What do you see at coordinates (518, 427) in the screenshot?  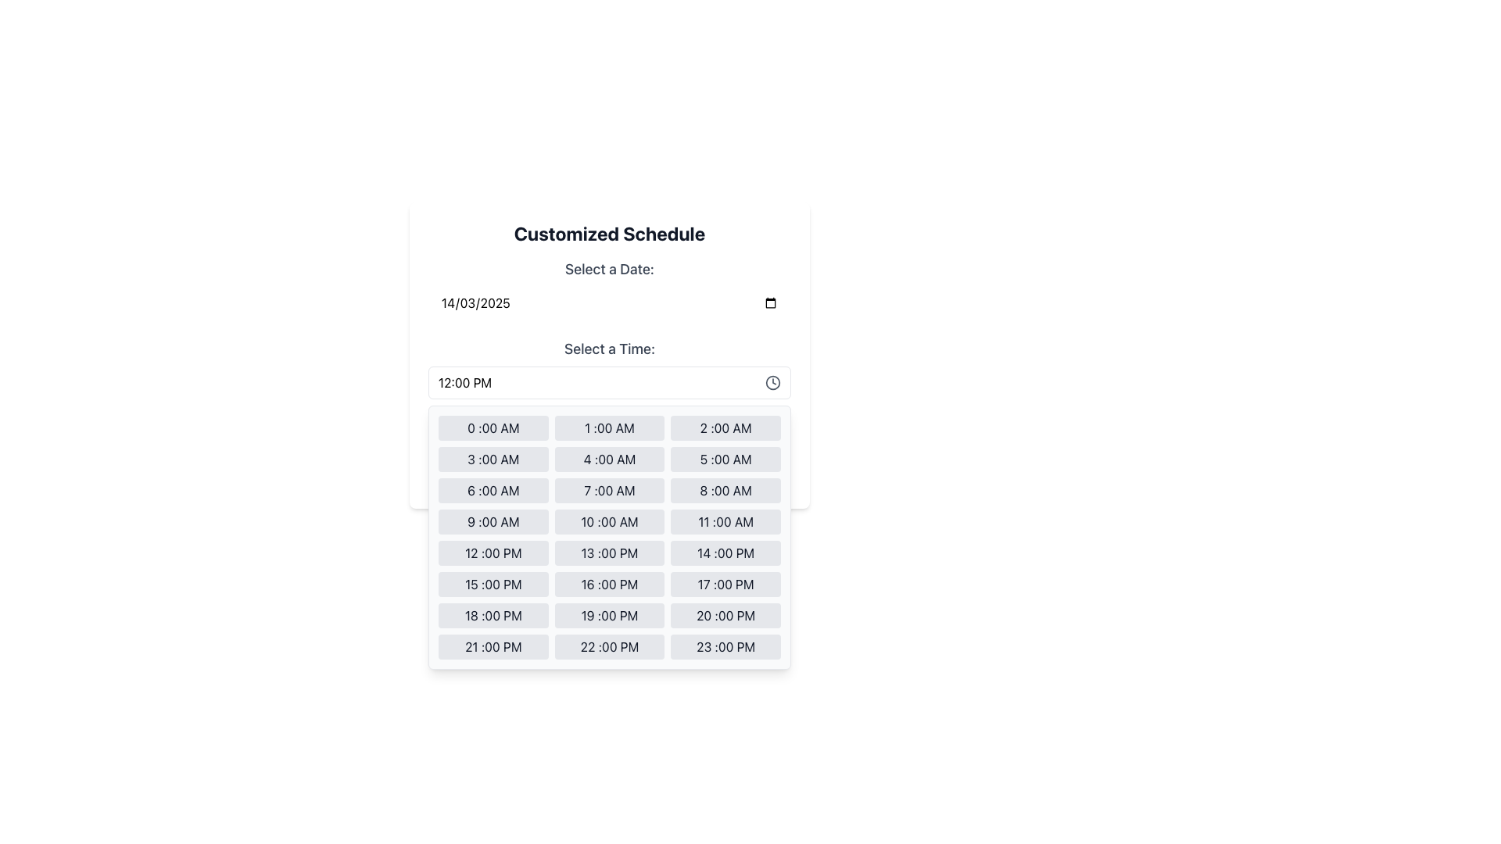 I see `the circular border of the SVG icon located to the left of the time entry field in the 'Customized Schedule' interface` at bounding box center [518, 427].